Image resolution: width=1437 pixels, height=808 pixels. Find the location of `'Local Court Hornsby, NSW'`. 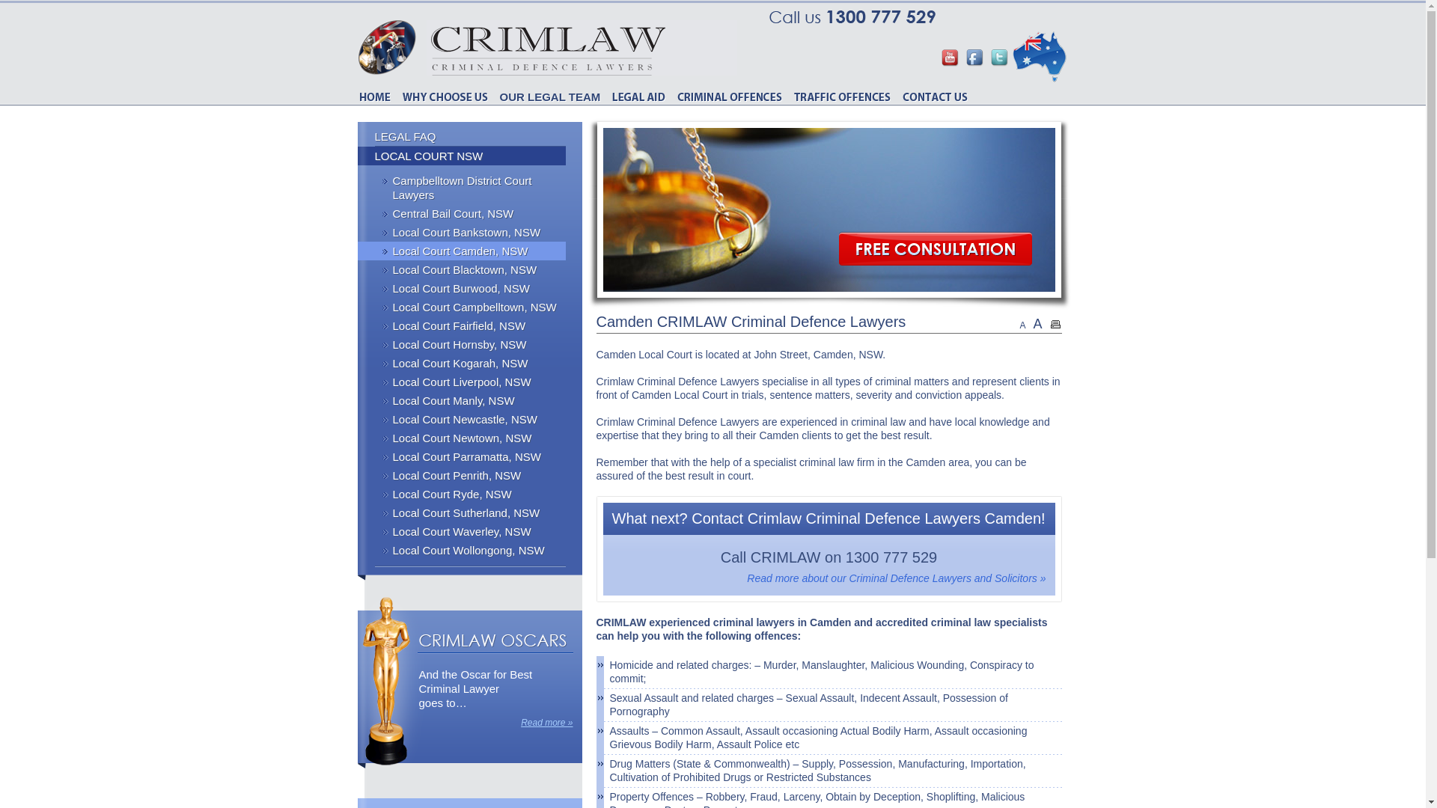

'Local Court Hornsby, NSW' is located at coordinates (461, 344).